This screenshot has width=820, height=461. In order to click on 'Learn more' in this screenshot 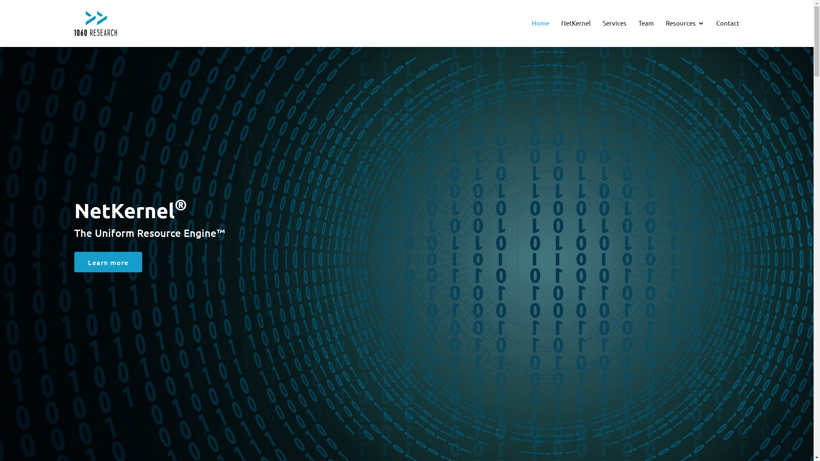, I will do `click(108, 261)`.